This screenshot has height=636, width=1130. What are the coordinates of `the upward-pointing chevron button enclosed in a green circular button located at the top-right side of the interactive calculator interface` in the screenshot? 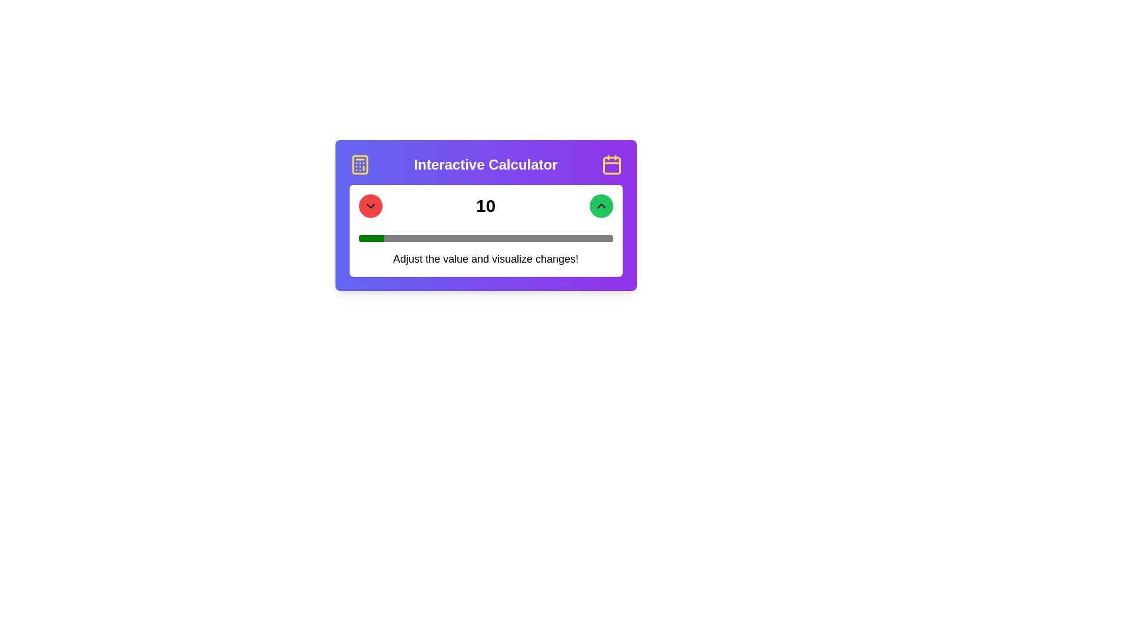 It's located at (601, 206).